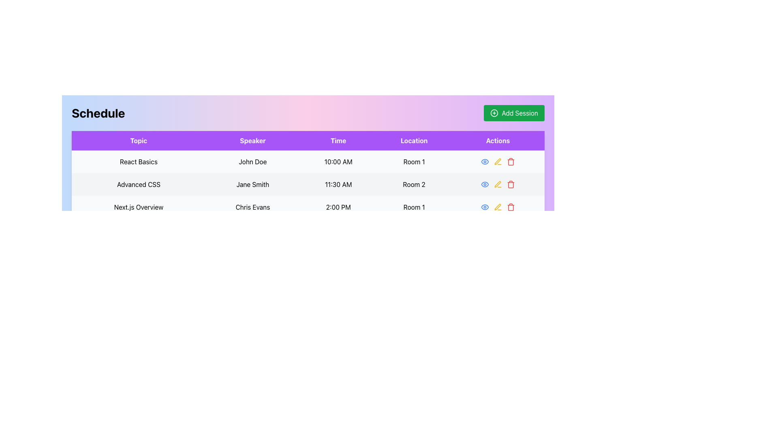 The width and height of the screenshot is (778, 438). What do you see at coordinates (494, 113) in the screenshot?
I see `the SVG Circle Element that serves as a decorative '+' symbol within a circle, located near the top-right section of the interface, aligned with the 'Add Session' button` at bounding box center [494, 113].